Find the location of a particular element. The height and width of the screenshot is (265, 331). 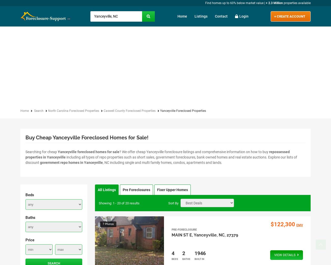

'North Carolina Foreclosed Properties' is located at coordinates (73, 111).